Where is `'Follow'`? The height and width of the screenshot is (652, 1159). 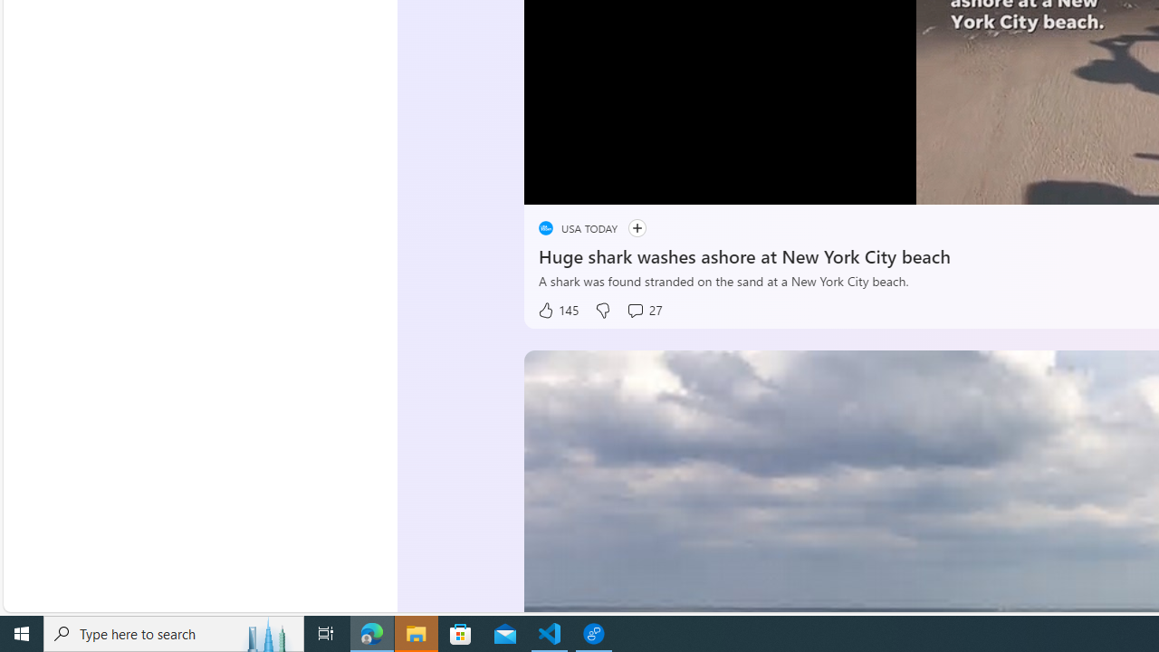 'Follow' is located at coordinates (637, 227).